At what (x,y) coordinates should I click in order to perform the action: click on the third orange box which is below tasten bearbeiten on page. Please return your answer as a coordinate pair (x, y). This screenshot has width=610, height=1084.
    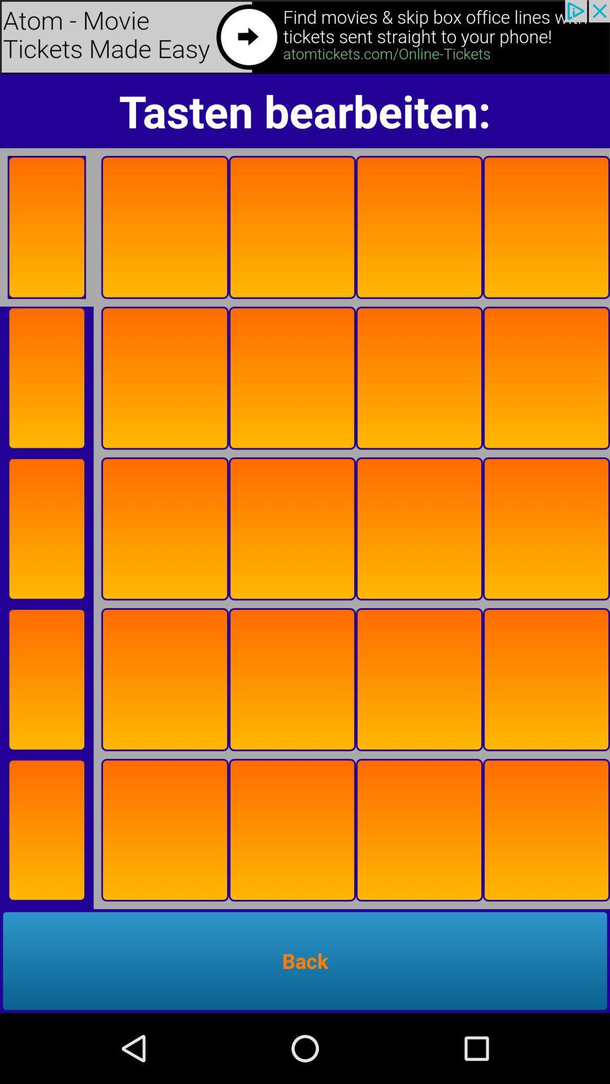
    Looking at the image, I should click on (291, 227).